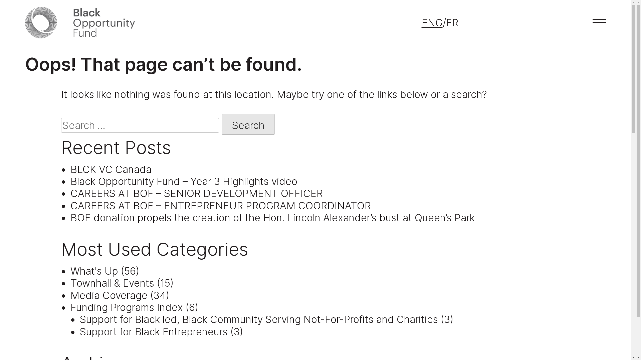 This screenshot has height=360, width=641. Describe the element at coordinates (94, 271) in the screenshot. I see `'What's Up'` at that location.